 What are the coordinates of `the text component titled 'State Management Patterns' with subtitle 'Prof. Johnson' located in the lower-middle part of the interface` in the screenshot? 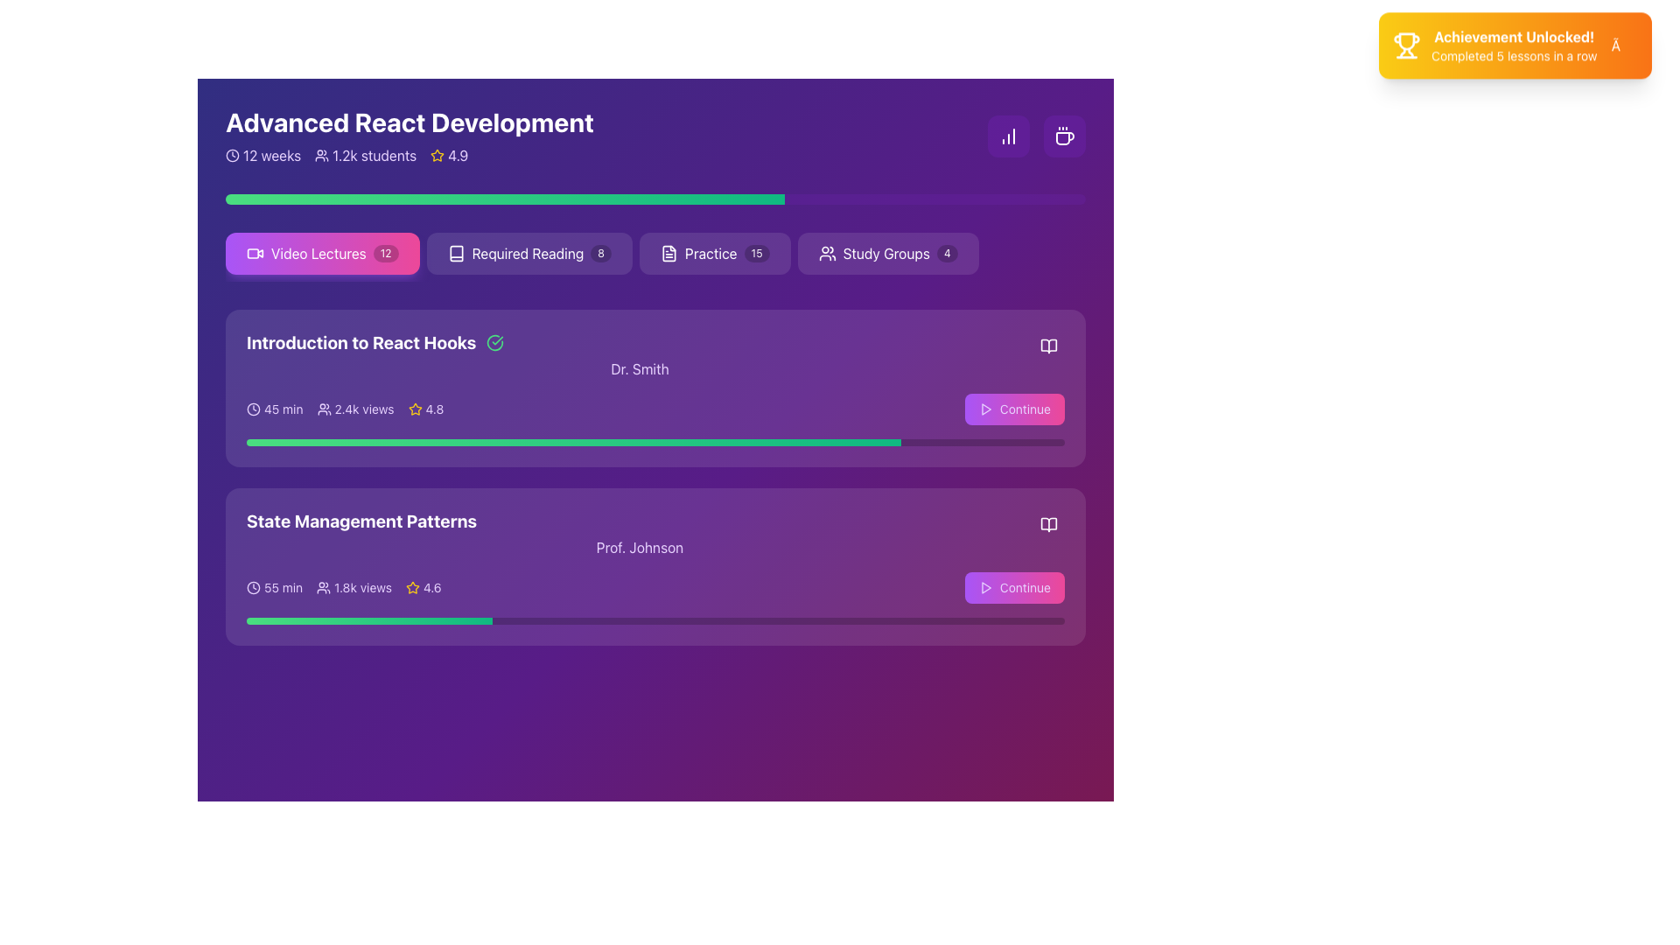 It's located at (654, 532).